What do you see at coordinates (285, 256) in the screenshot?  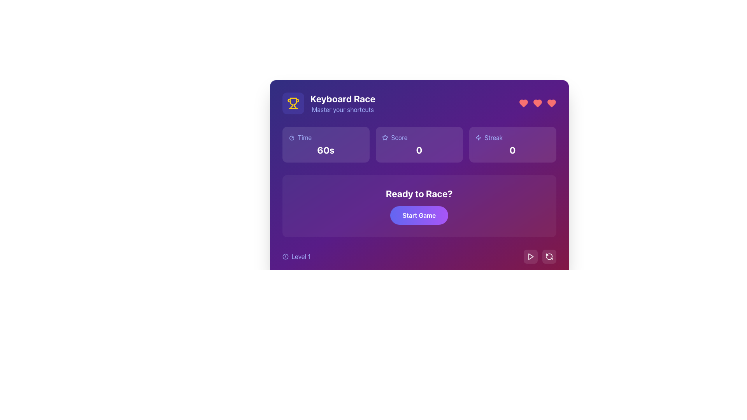 I see `the main circular SVG shape of the 'circle-alert' icon, which is located adjacent to the 'Level 1' label` at bounding box center [285, 256].